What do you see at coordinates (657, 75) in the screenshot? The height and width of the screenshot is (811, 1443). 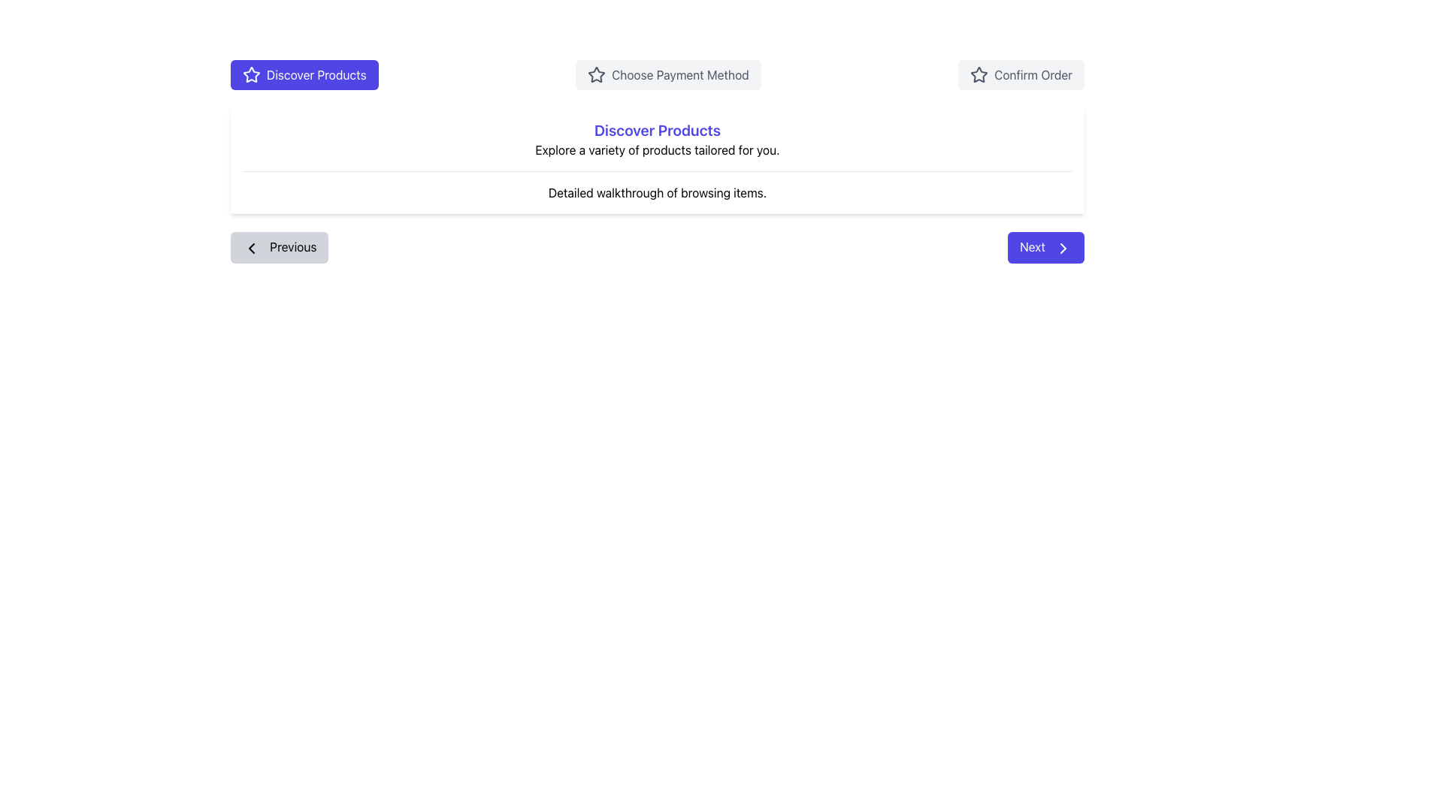 I see `the 'Choose Payment Method' navigation tab, which is the second tab in a horizontal navigation bar with light gray background and gray text` at bounding box center [657, 75].